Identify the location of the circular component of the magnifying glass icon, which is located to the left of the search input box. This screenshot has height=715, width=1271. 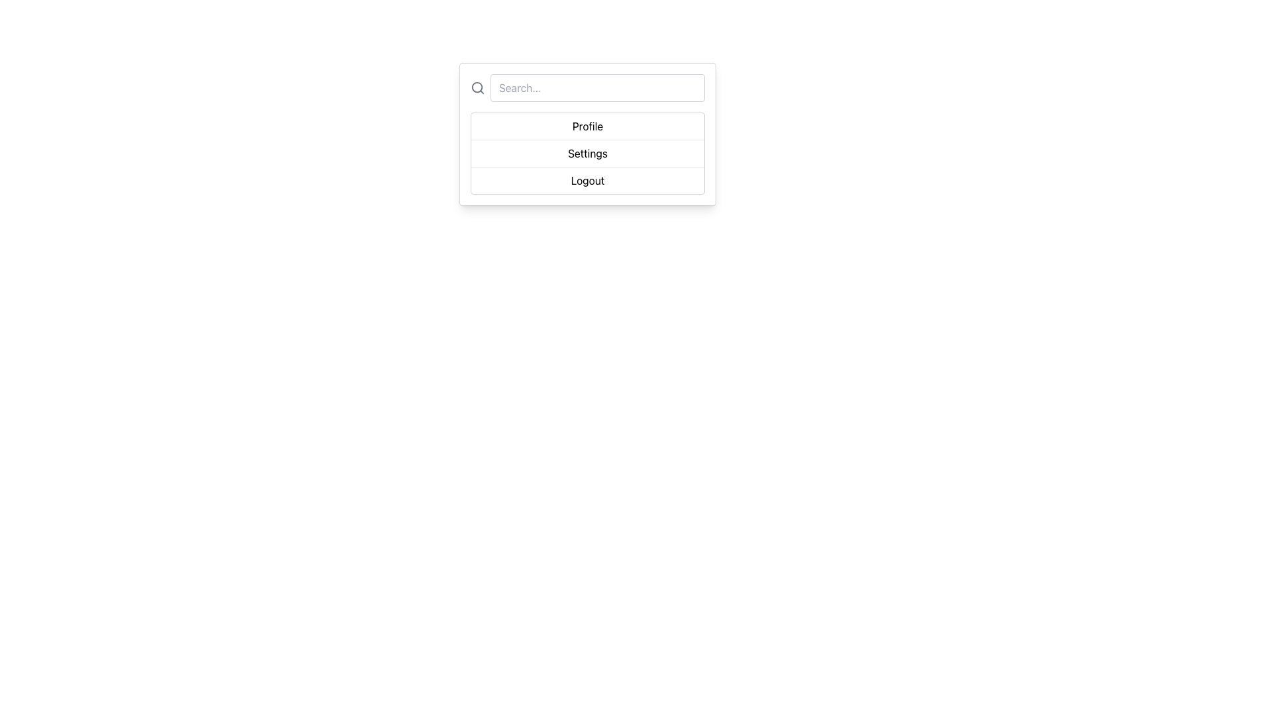
(477, 87).